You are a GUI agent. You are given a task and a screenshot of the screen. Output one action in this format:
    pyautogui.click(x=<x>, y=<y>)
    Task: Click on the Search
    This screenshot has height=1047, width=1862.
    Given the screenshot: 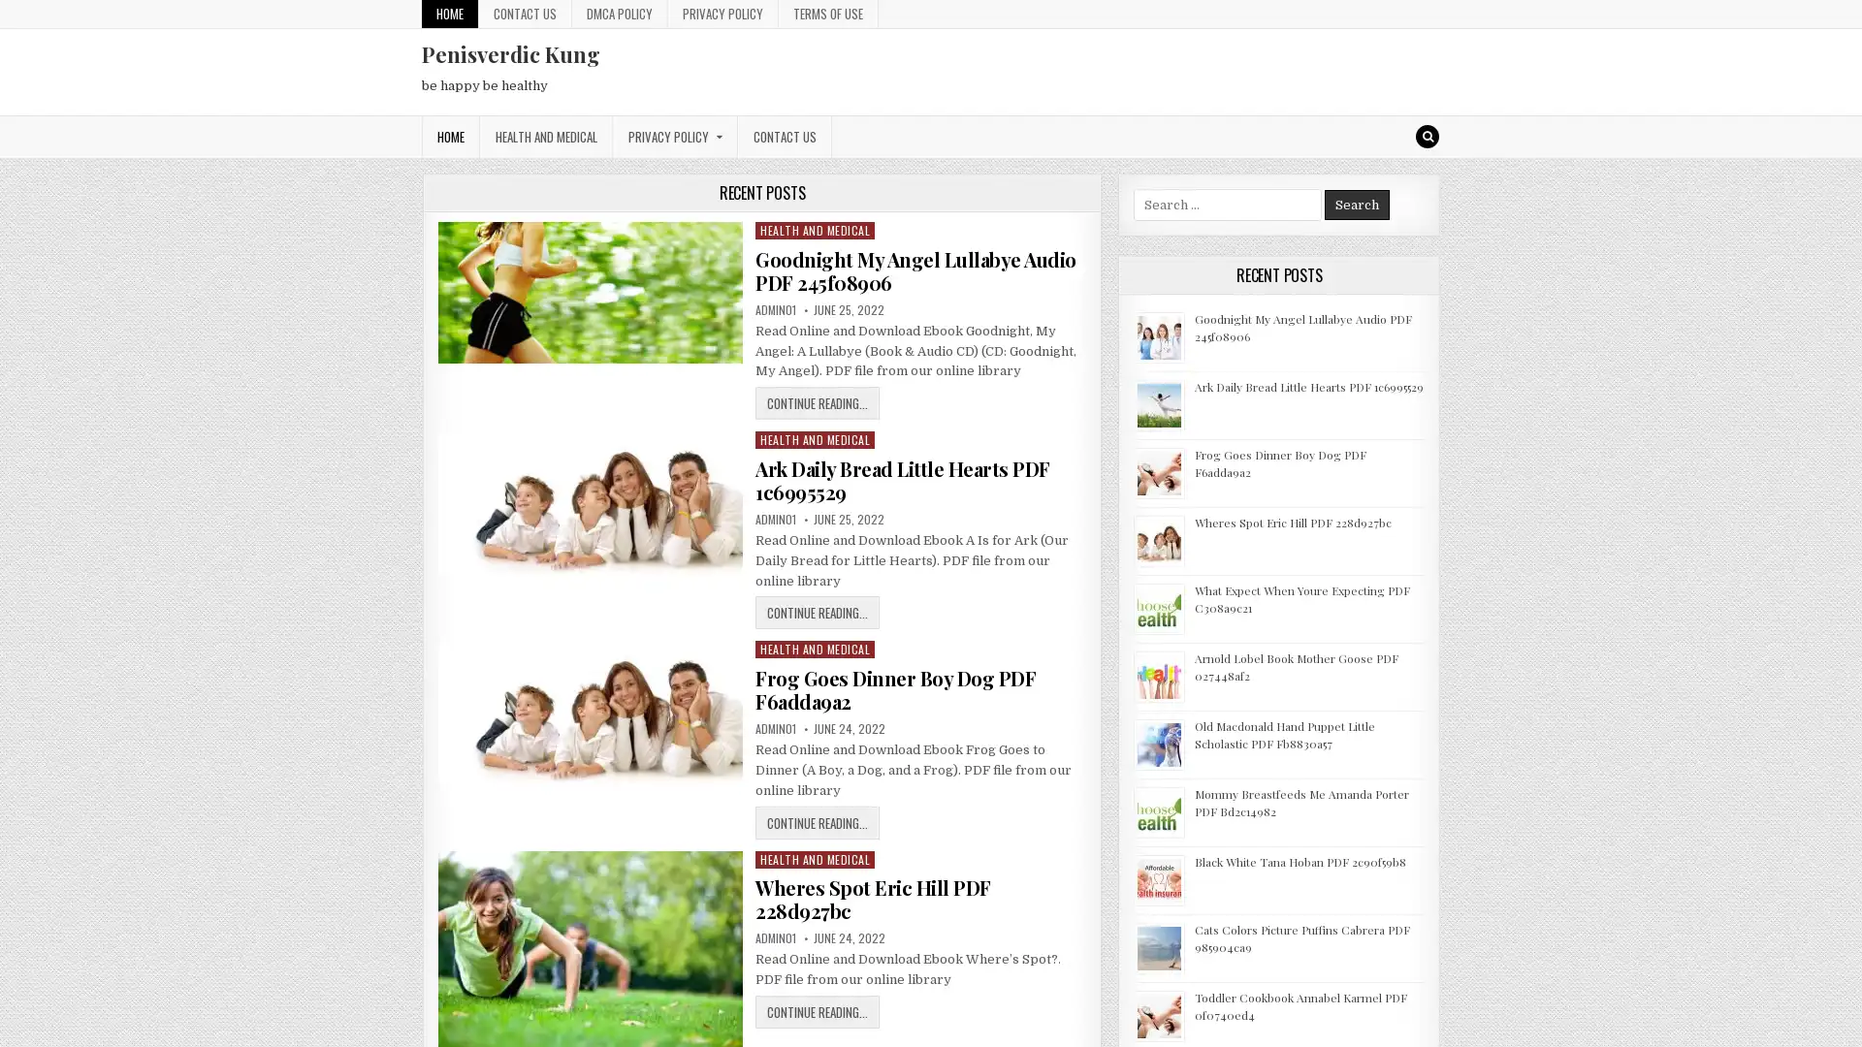 What is the action you would take?
    pyautogui.click(x=1356, y=205)
    